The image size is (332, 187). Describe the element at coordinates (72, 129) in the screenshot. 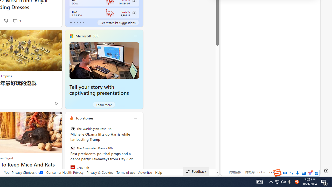

I see `'The Washington Post'` at that location.